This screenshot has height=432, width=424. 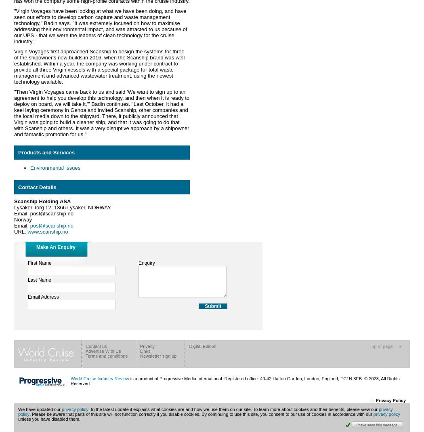 What do you see at coordinates (201, 414) in the screenshot?
I see `'. Please be aware that parts of this site will not
            function correctly if you disable cookies. By continuing to use this site, you consent
            to our use of cookies in accordance with our'` at bounding box center [201, 414].